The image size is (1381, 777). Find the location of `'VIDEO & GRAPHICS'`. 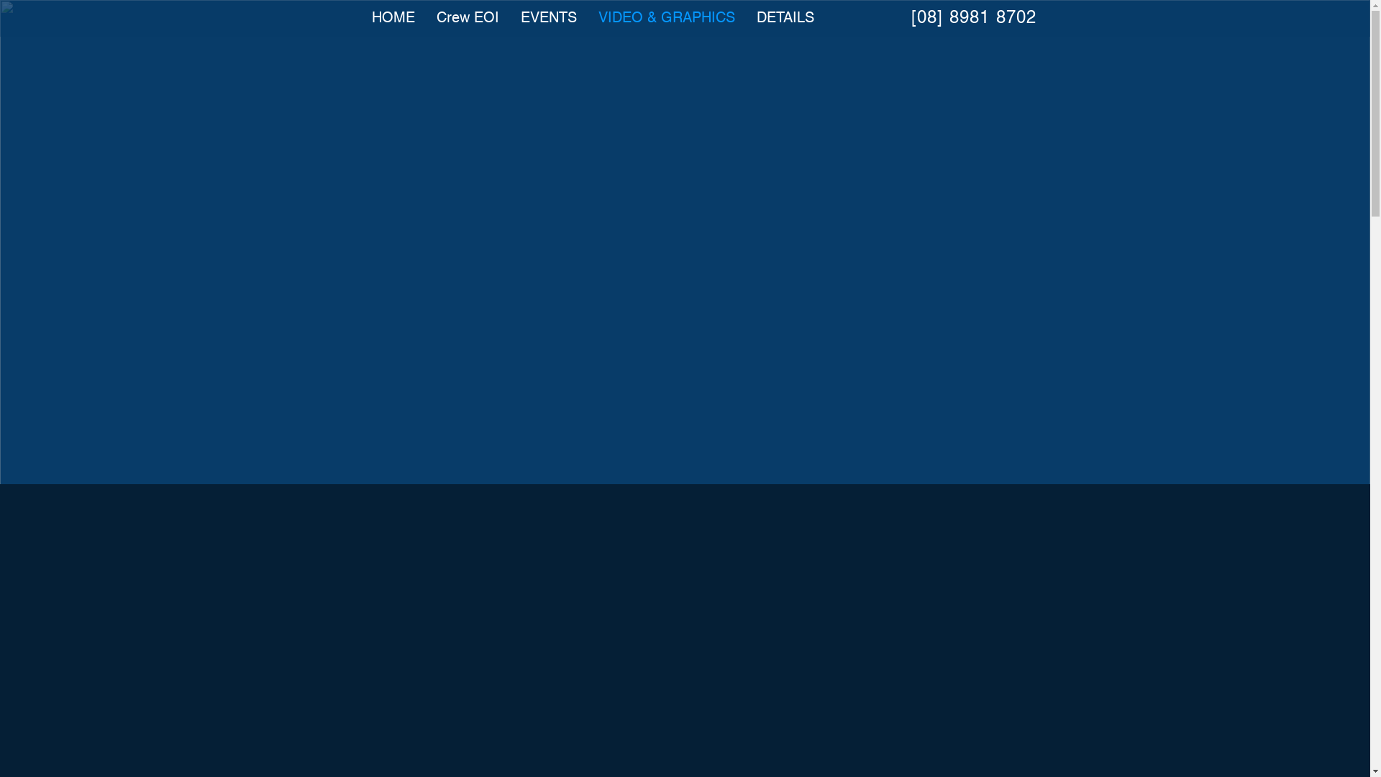

'VIDEO & GRAPHICS' is located at coordinates (587, 17).